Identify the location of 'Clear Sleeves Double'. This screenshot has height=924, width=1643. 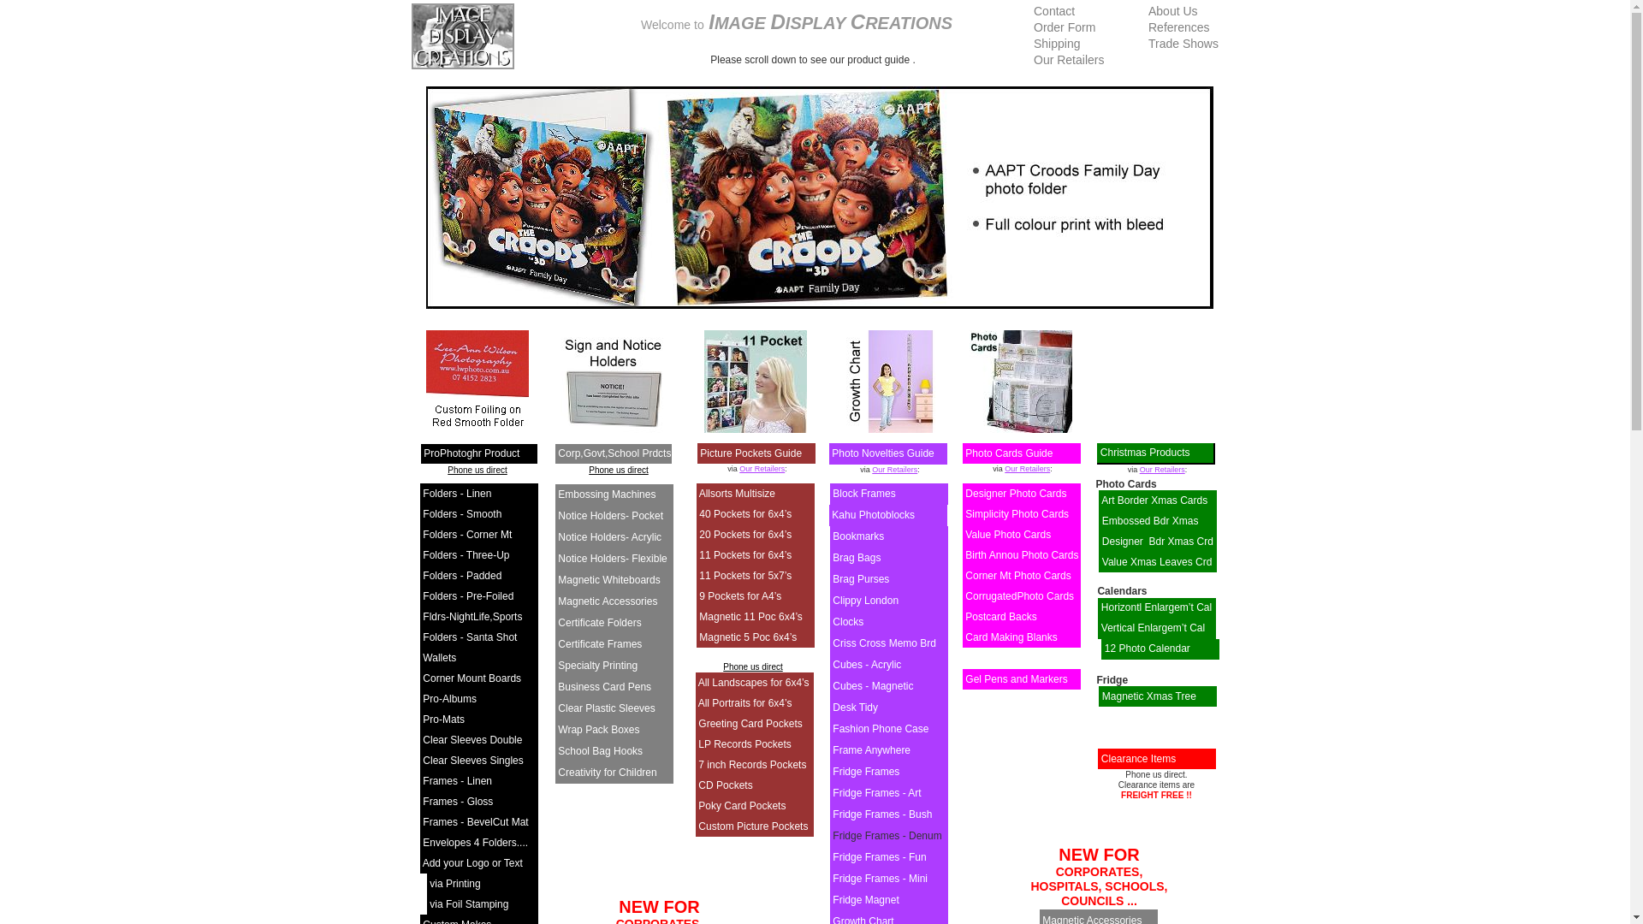
(472, 738).